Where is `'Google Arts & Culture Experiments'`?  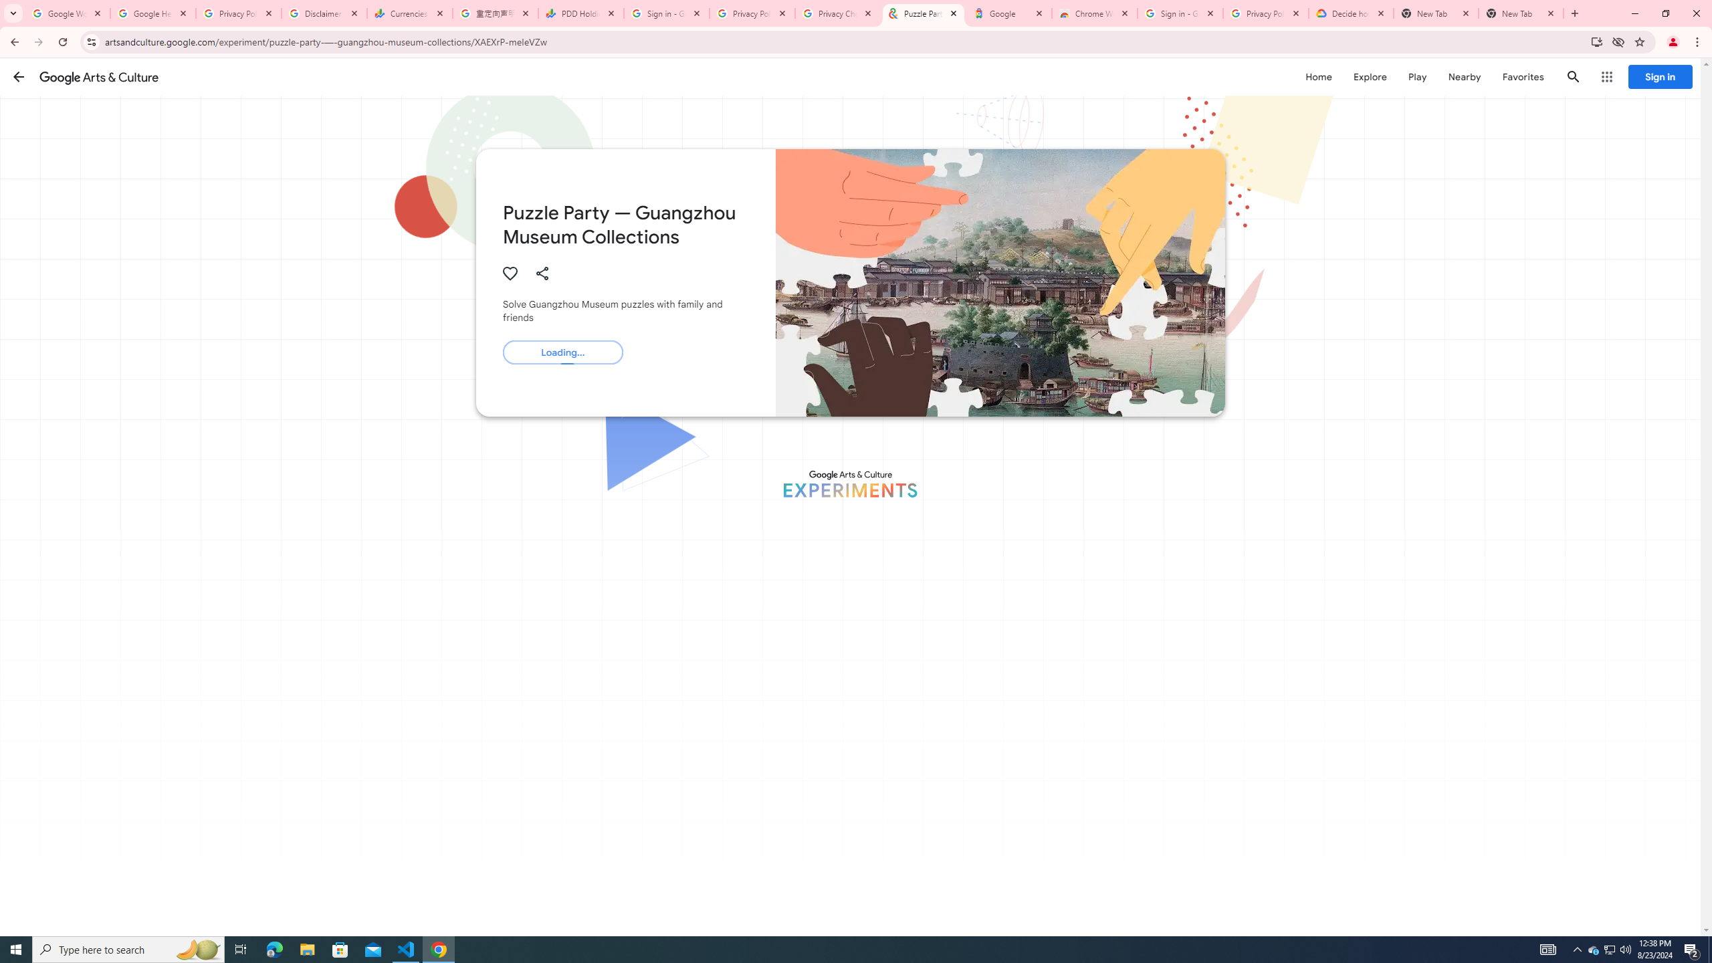 'Google Arts & Culture Experiments' is located at coordinates (850, 484).